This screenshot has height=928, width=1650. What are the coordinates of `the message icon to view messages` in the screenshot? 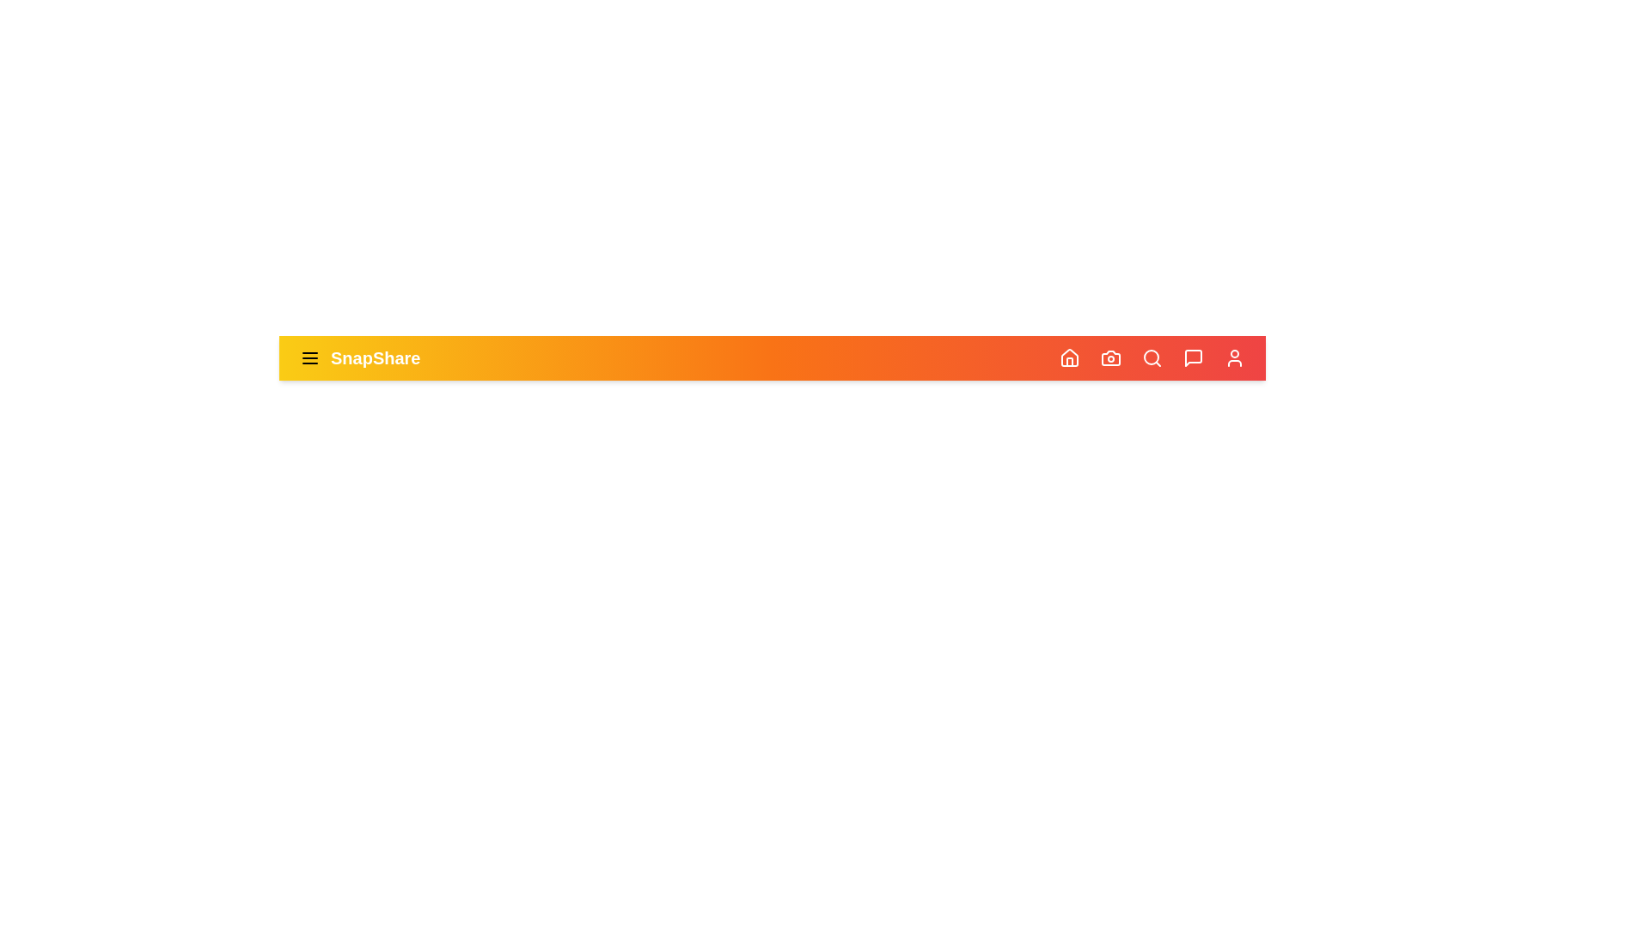 It's located at (1192, 357).